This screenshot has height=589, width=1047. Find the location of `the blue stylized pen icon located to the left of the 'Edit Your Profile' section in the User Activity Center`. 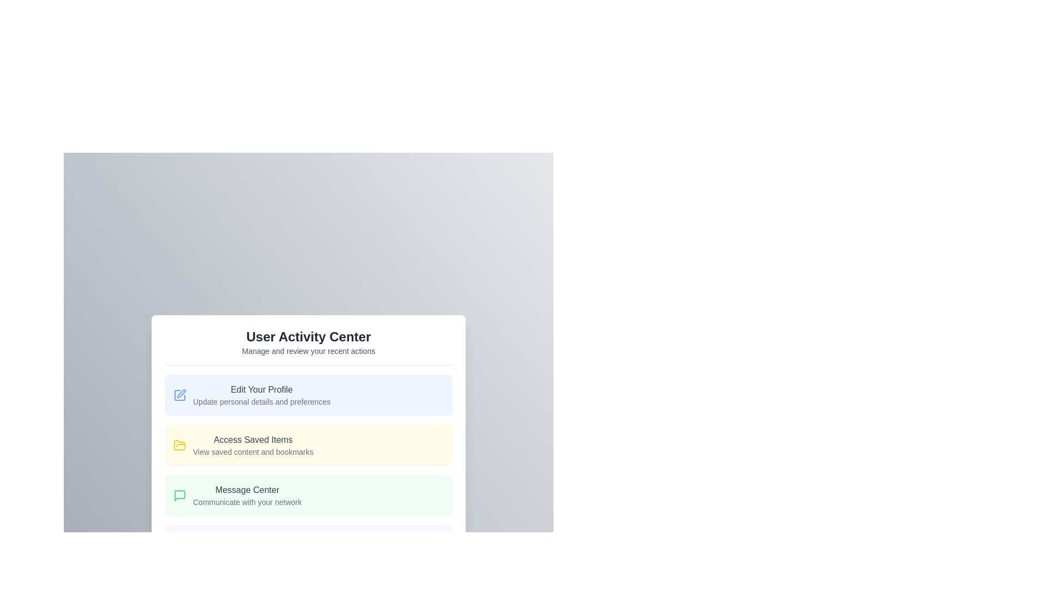

the blue stylized pen icon located to the left of the 'Edit Your Profile' section in the User Activity Center is located at coordinates (180, 395).